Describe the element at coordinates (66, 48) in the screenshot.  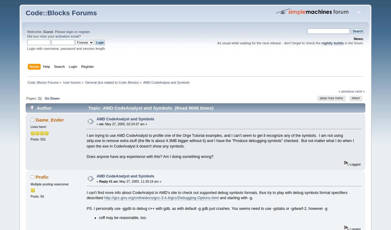
I see `'Login with username, password and session length'` at that location.